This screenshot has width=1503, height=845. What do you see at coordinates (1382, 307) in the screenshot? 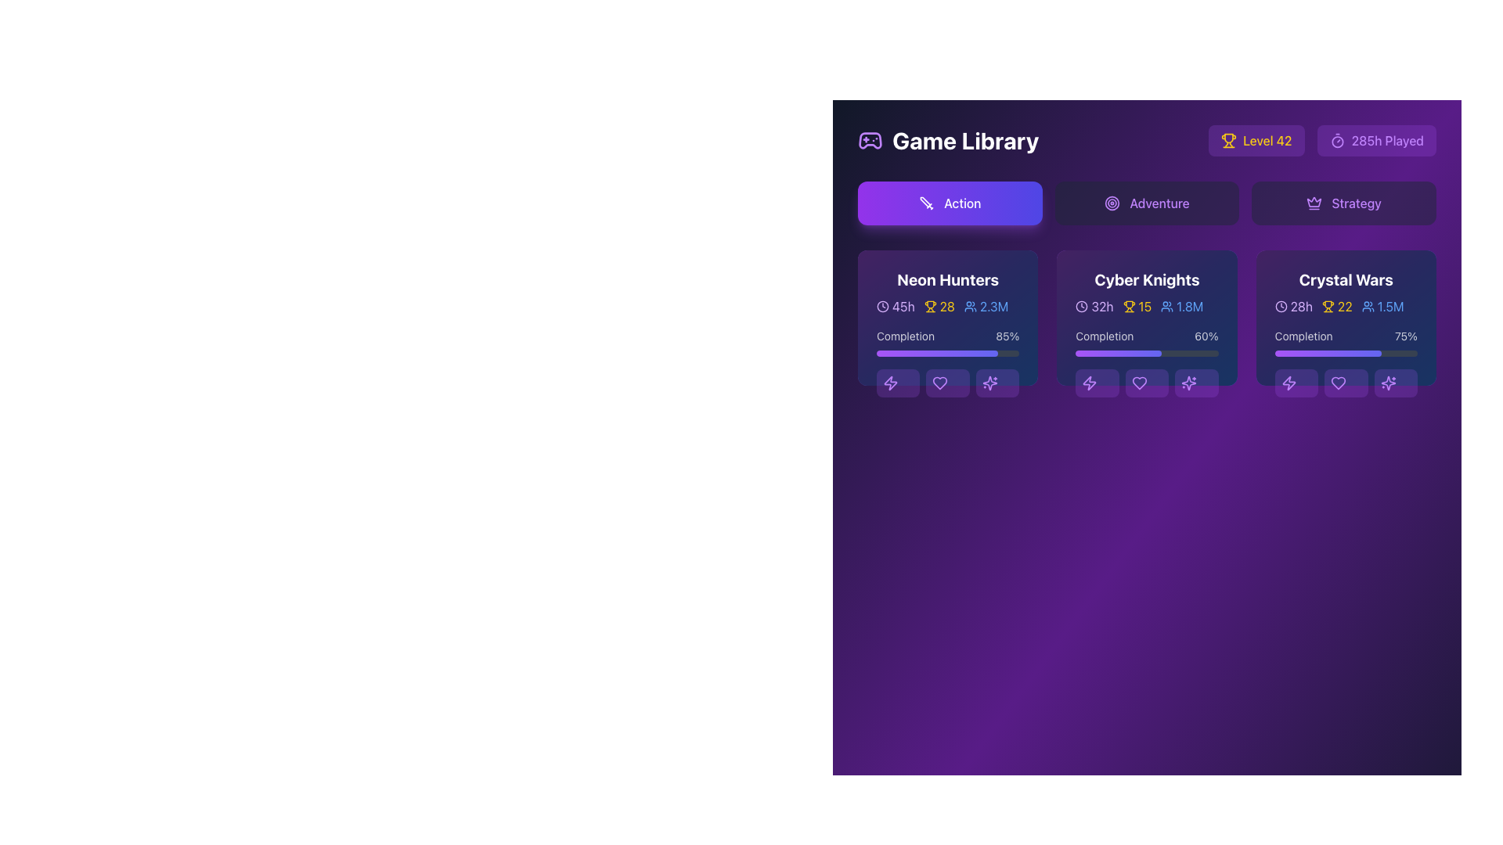
I see `the static label displaying the participant count of '1.5M' in the bottom-right information line of the 'Crystal Wars' card in the Game Library interface` at bounding box center [1382, 307].